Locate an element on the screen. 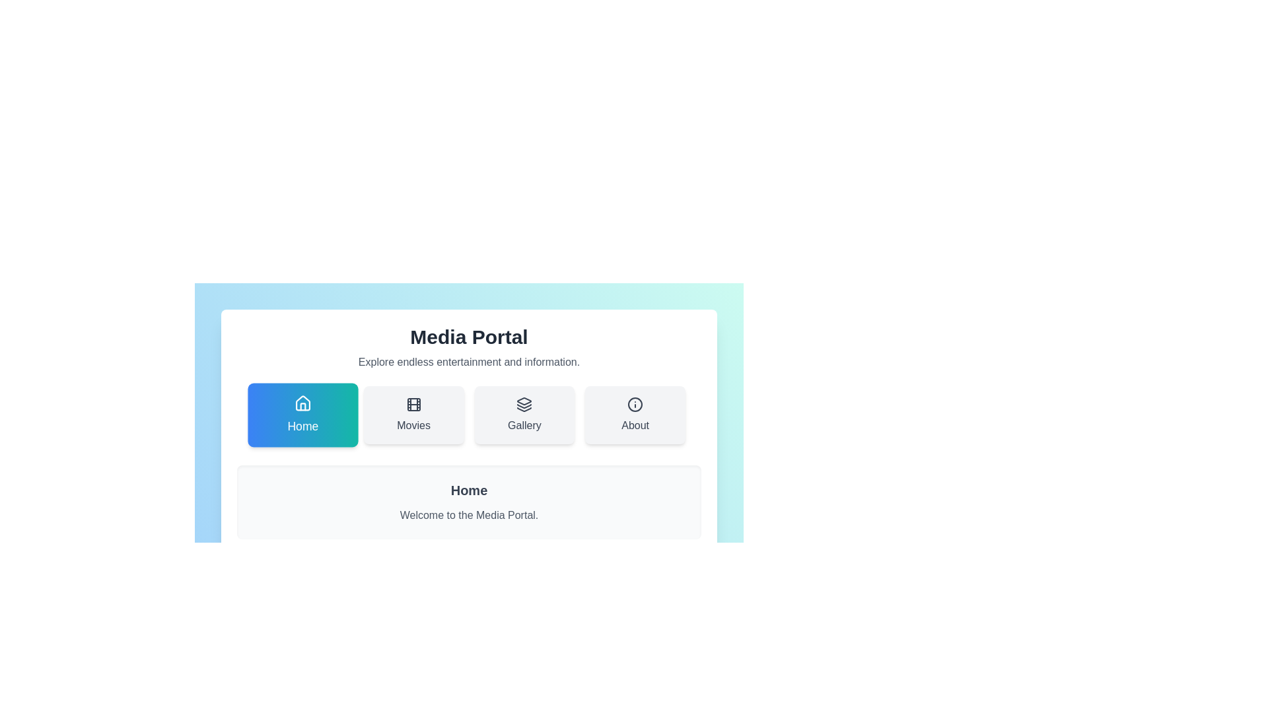 This screenshot has width=1268, height=713. the 'Gallery' button icon for accessibility tools is located at coordinates (524, 404).